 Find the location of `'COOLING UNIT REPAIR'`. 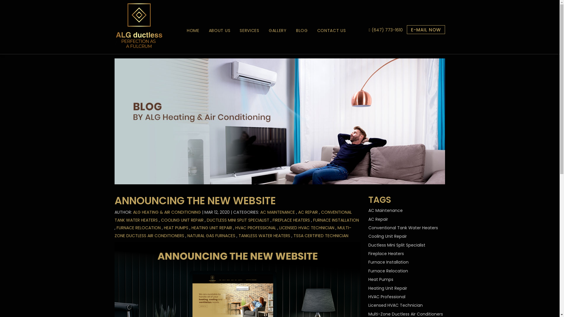

'COOLING UNIT REPAIR' is located at coordinates (182, 220).